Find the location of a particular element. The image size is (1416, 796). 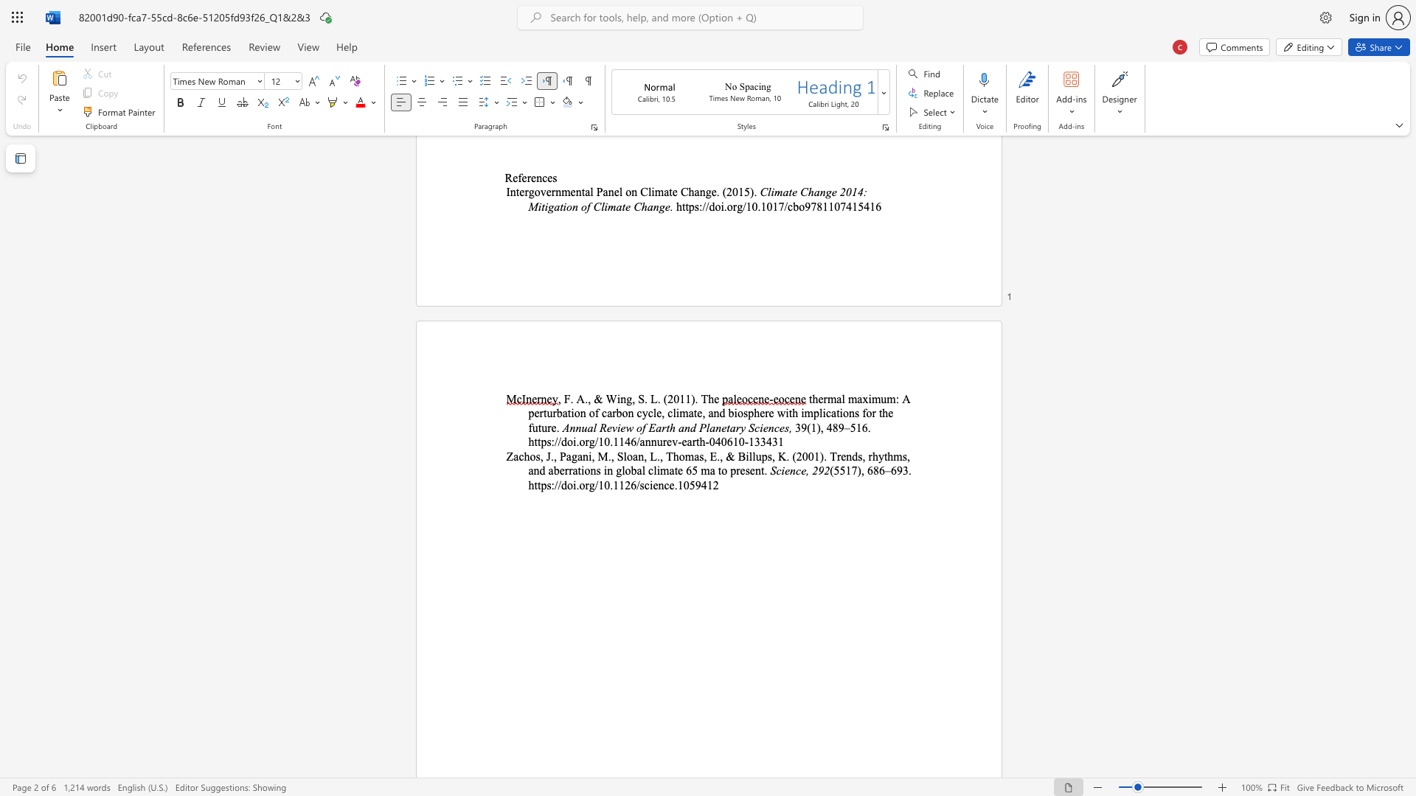

the 1th character "l" in the text is located at coordinates (625, 455).